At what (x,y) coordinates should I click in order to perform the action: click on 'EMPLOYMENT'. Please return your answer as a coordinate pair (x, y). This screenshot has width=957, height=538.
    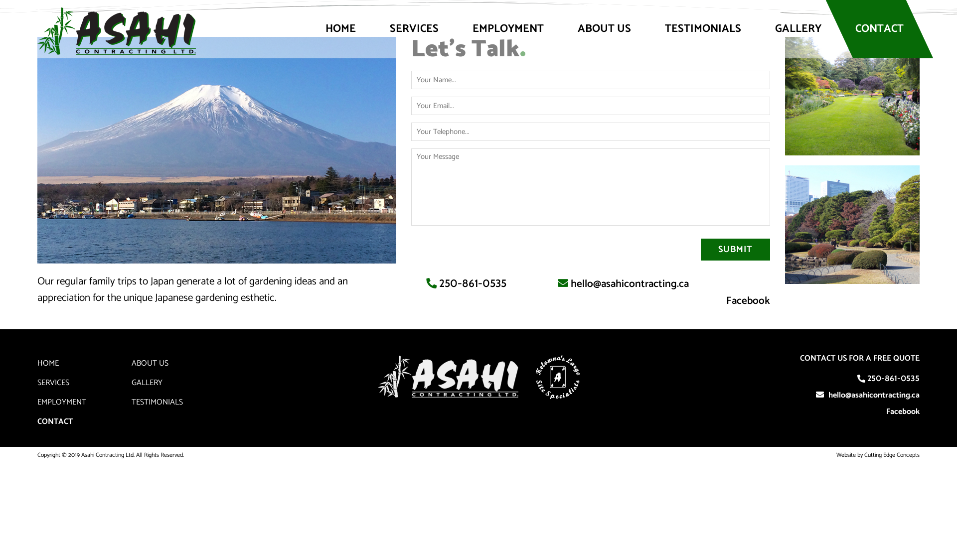
    Looking at the image, I should click on (508, 28).